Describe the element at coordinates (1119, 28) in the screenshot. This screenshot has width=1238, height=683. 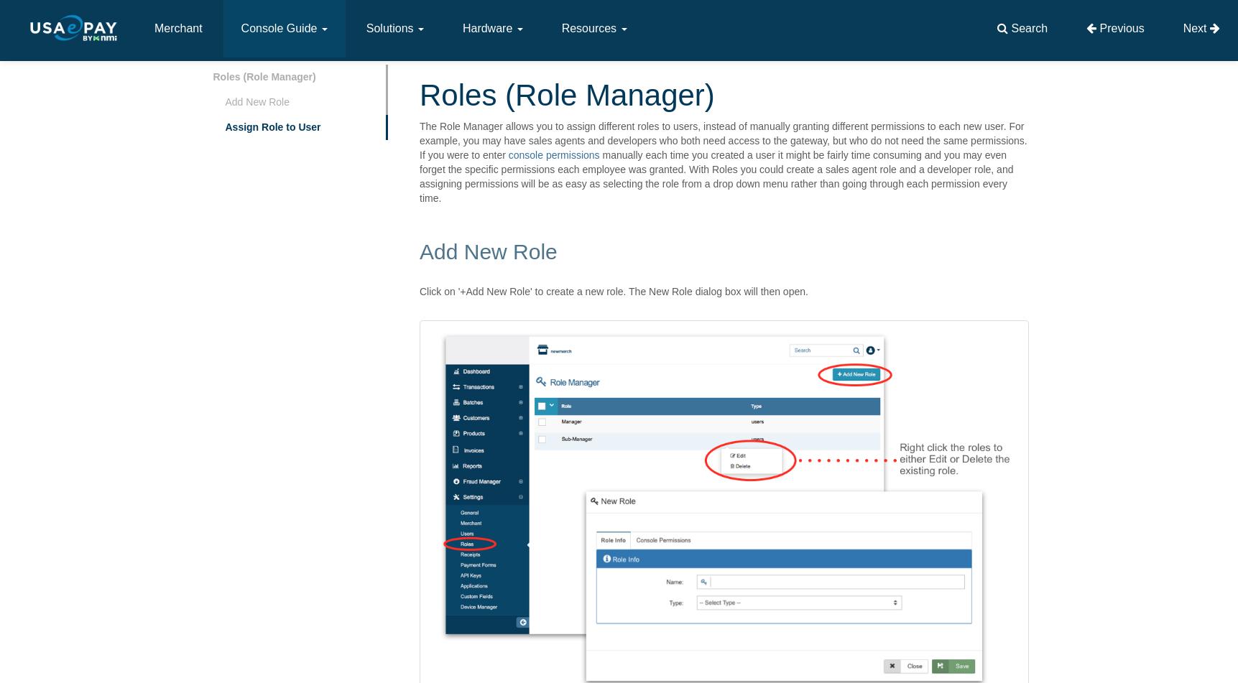
I see `'Previous'` at that location.